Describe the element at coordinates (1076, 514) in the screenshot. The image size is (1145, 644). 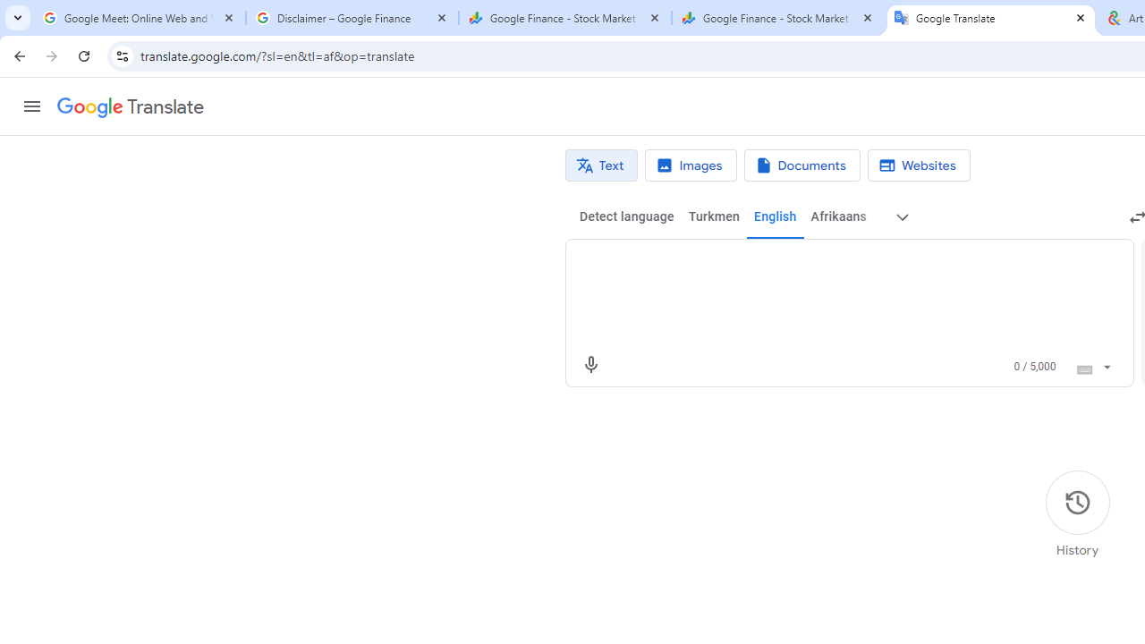
I see `'History'` at that location.